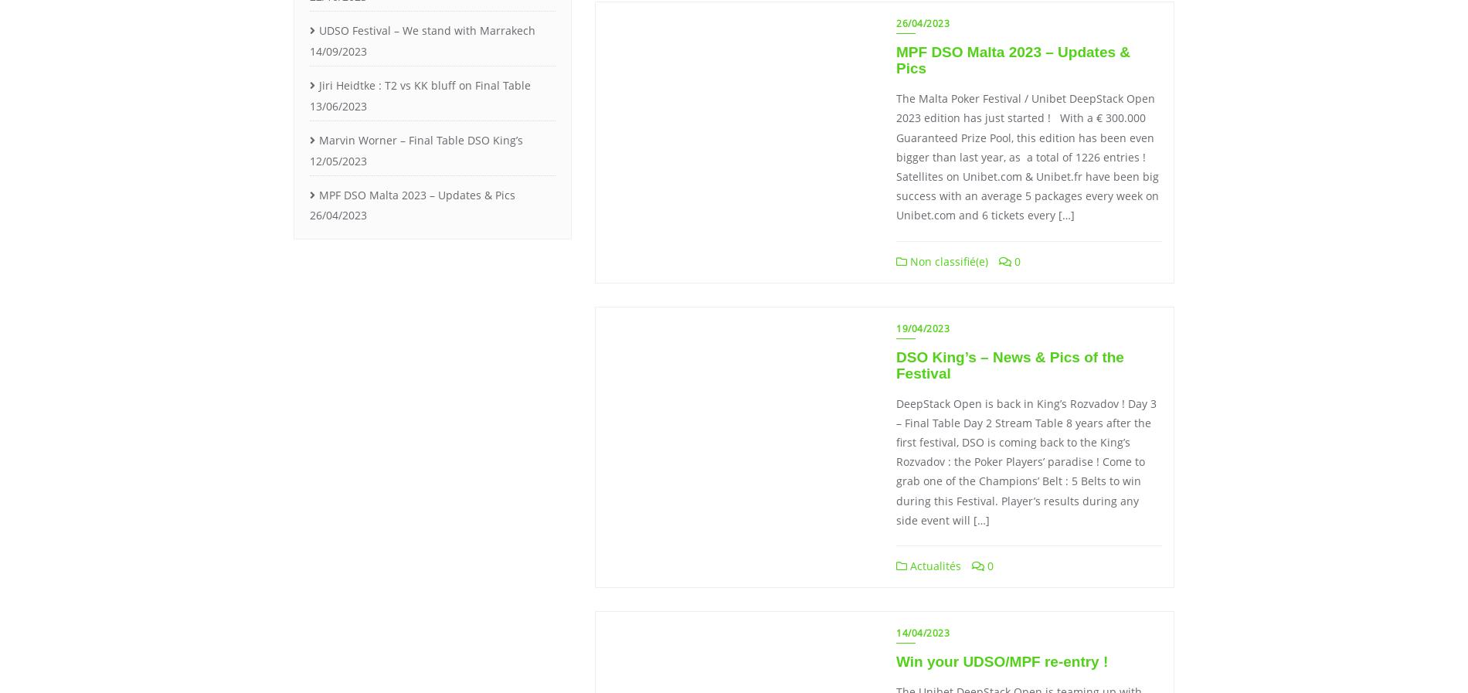 This screenshot has width=1468, height=693. I want to click on '19/04/2023', so click(922, 327).